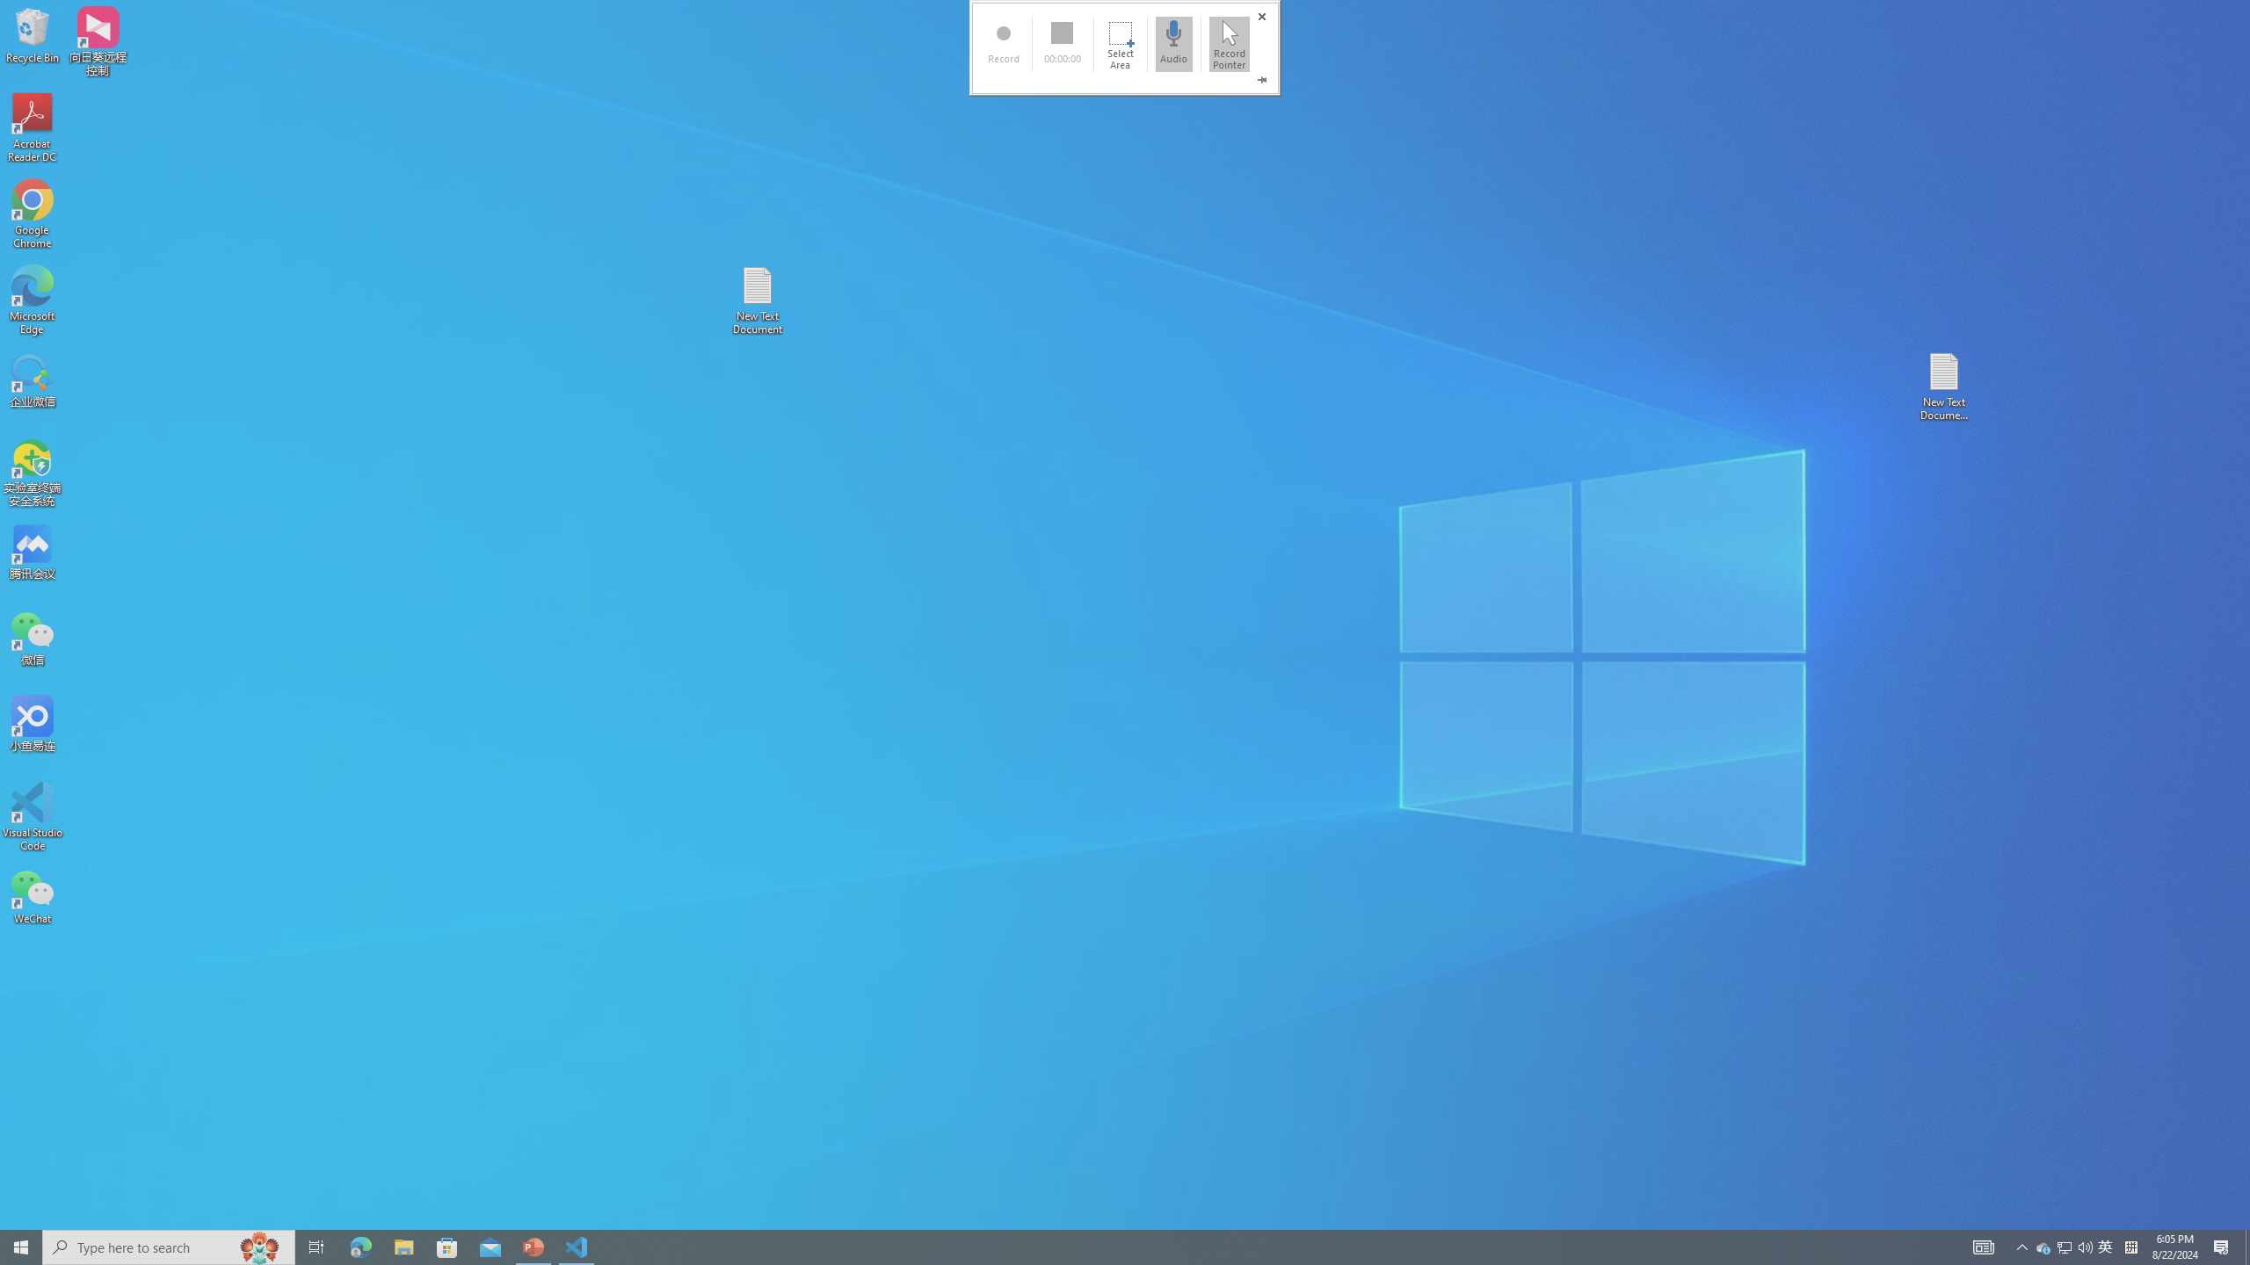 Image resolution: width=2250 pixels, height=1265 pixels. What do you see at coordinates (1119, 43) in the screenshot?
I see `'Select Area'` at bounding box center [1119, 43].